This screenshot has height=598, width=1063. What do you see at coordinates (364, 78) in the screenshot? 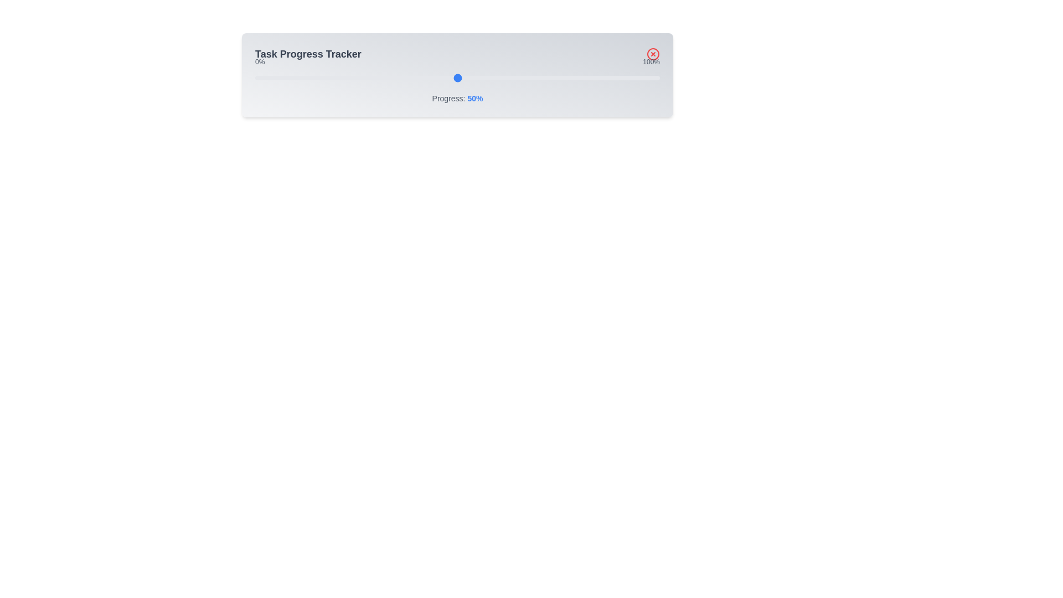
I see `task progress` at bounding box center [364, 78].